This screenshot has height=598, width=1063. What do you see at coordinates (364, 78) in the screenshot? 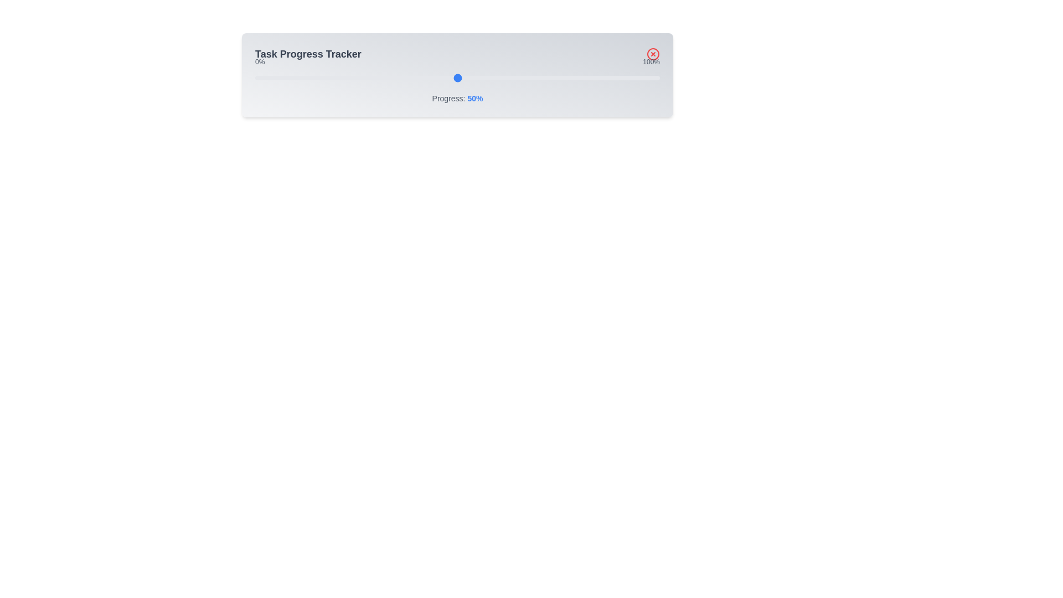
I see `task progress` at bounding box center [364, 78].